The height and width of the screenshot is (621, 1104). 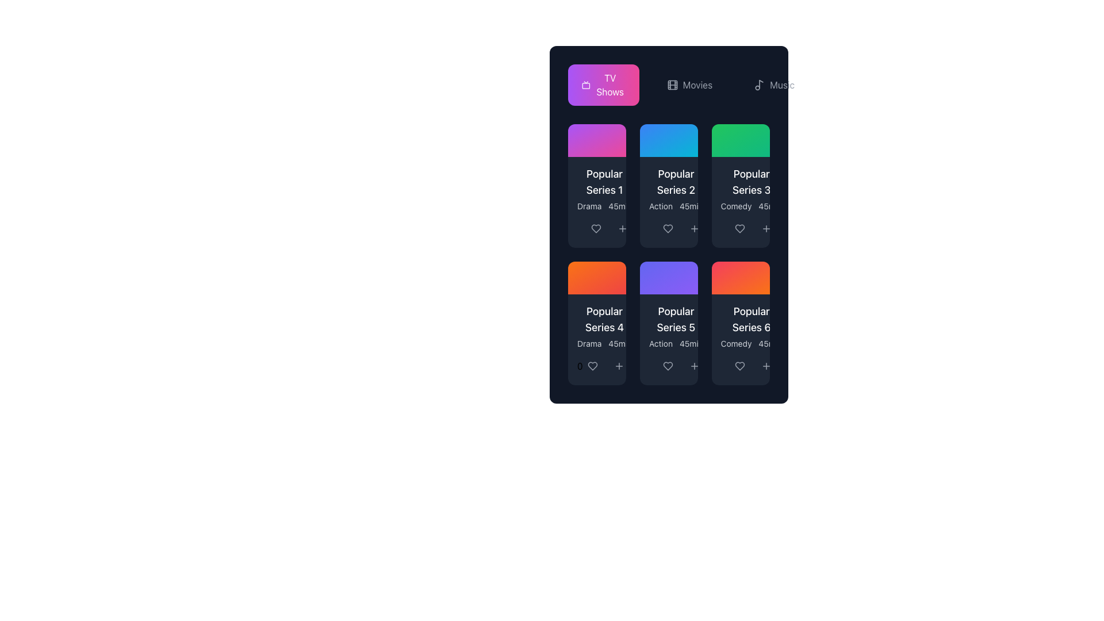 What do you see at coordinates (668, 228) in the screenshot?
I see `the 'like' icon that marks the associated series as a favorite, located in the bottom section of the 'Popular Series 2' card, directly above the '+' icon` at bounding box center [668, 228].